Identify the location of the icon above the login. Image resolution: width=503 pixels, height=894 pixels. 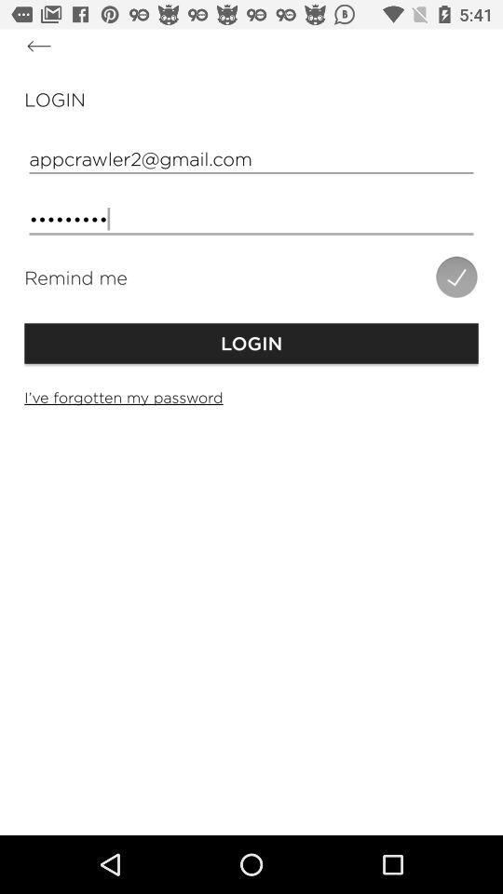
(39, 45).